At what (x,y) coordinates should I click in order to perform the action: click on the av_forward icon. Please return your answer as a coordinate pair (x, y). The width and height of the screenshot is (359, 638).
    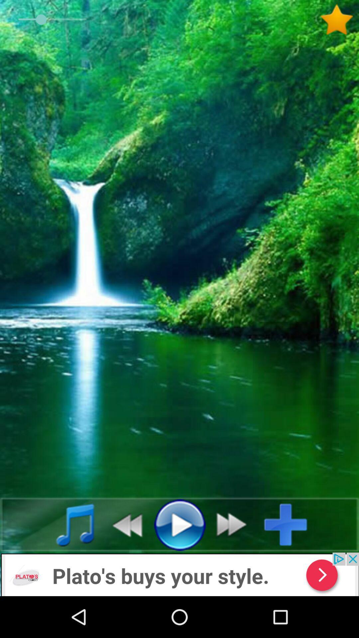
    Looking at the image, I should click on (235, 524).